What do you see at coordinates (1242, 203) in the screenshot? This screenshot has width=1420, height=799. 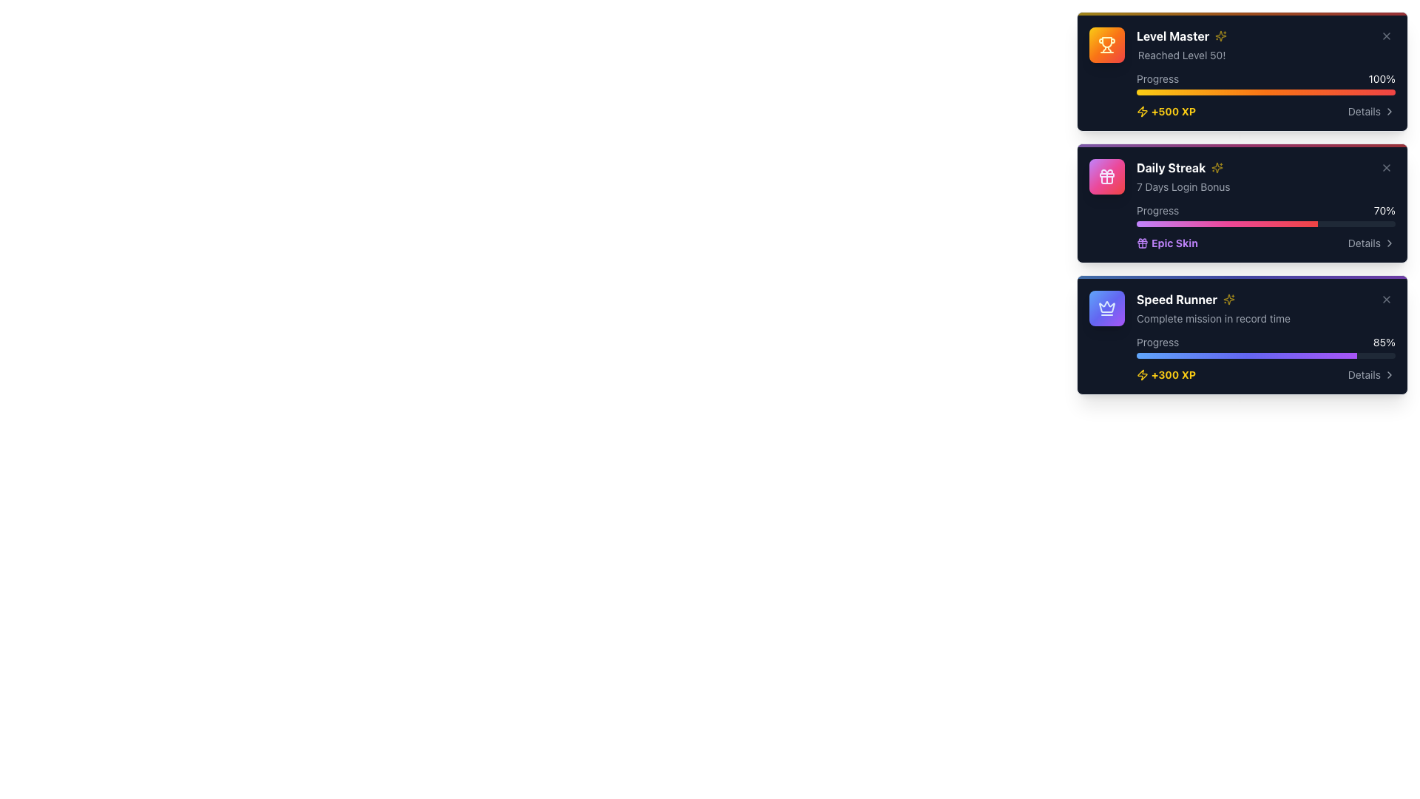 I see `the Information Card displaying user's streak-related achievement, which is the second card in a vertically stacked list of three cards, to interact with its details` at bounding box center [1242, 203].